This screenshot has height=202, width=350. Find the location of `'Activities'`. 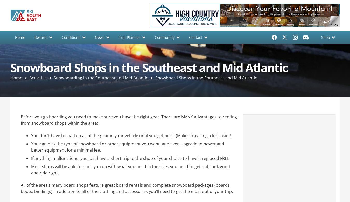

'Activities' is located at coordinates (38, 77).